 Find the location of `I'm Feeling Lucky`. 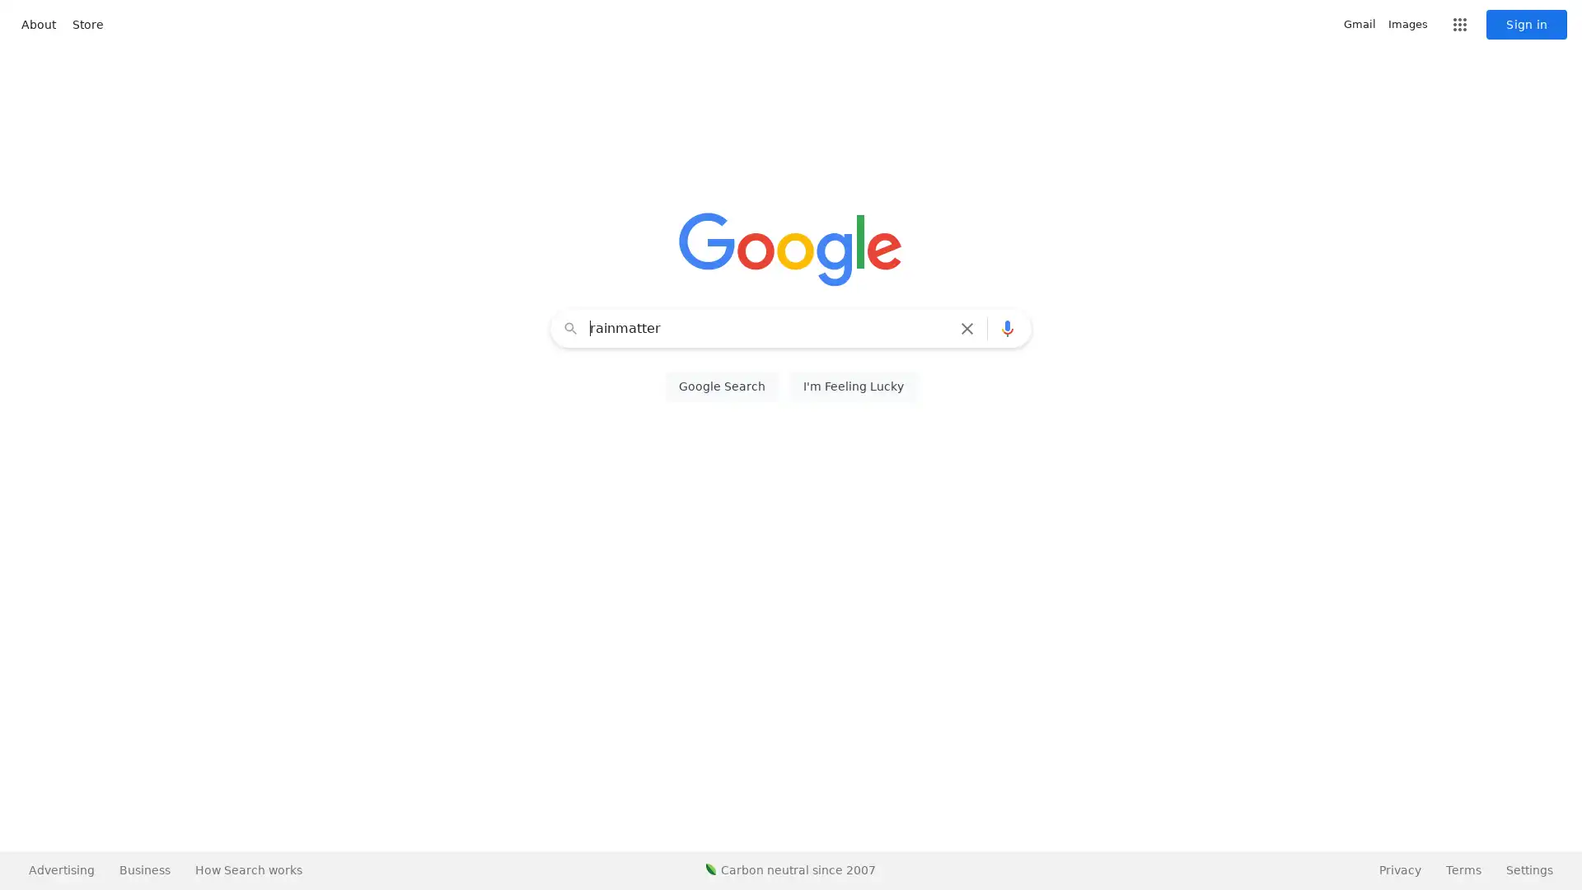

I'm Feeling Lucky is located at coordinates (853, 386).